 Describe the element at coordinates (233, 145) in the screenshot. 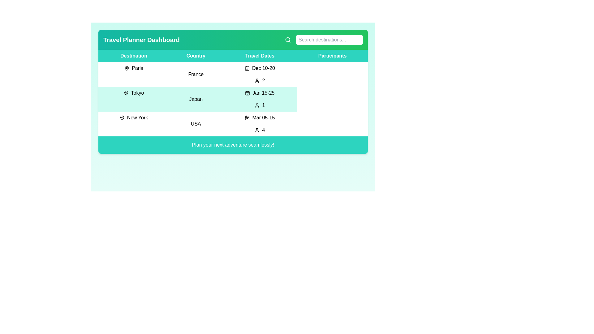

I see `the motivational text element located at the lower section of the card with a teal background, positioned below the data table` at that location.